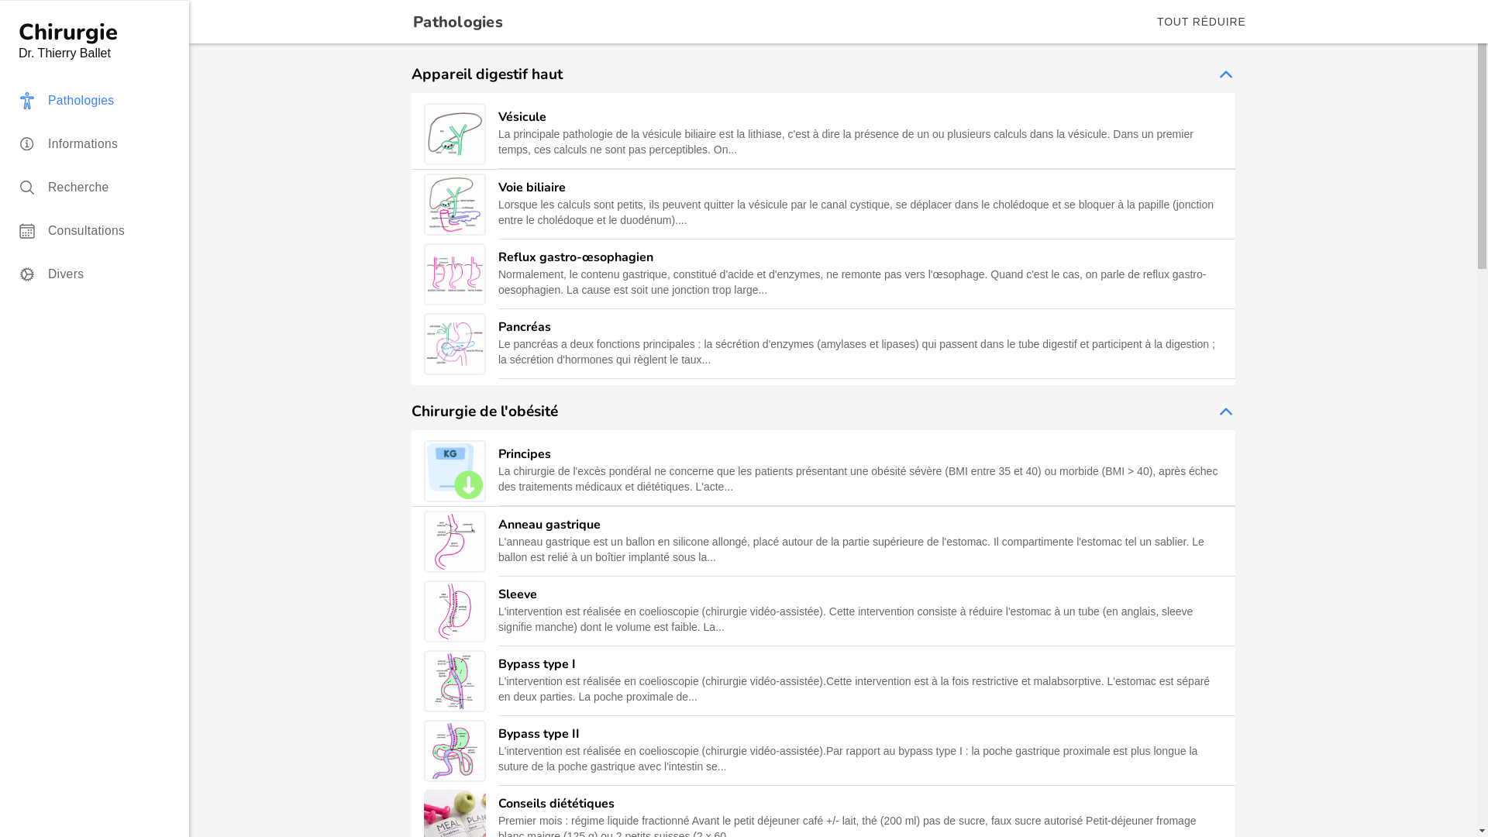  What do you see at coordinates (19, 39) in the screenshot?
I see `'Chirurgie` at bounding box center [19, 39].